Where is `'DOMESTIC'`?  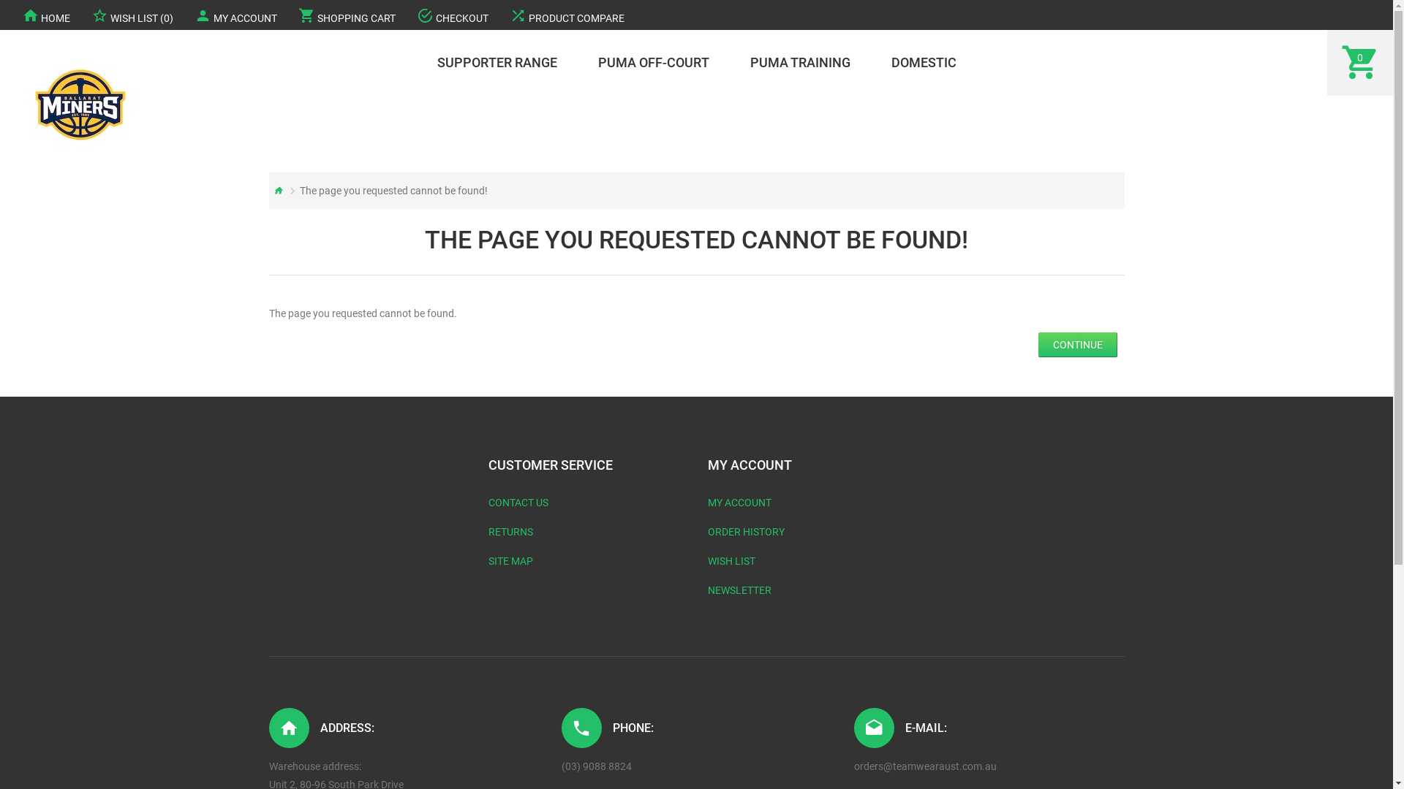
'DOMESTIC' is located at coordinates (922, 61).